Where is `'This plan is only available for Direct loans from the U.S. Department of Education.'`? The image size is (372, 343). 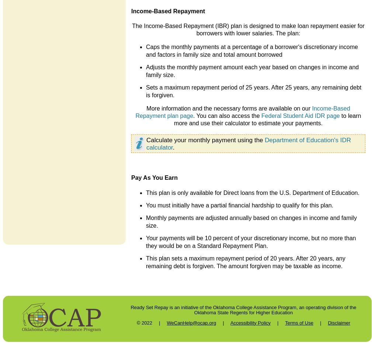 'This plan is only available for Direct loans from the U.S. Department of Education.' is located at coordinates (253, 193).